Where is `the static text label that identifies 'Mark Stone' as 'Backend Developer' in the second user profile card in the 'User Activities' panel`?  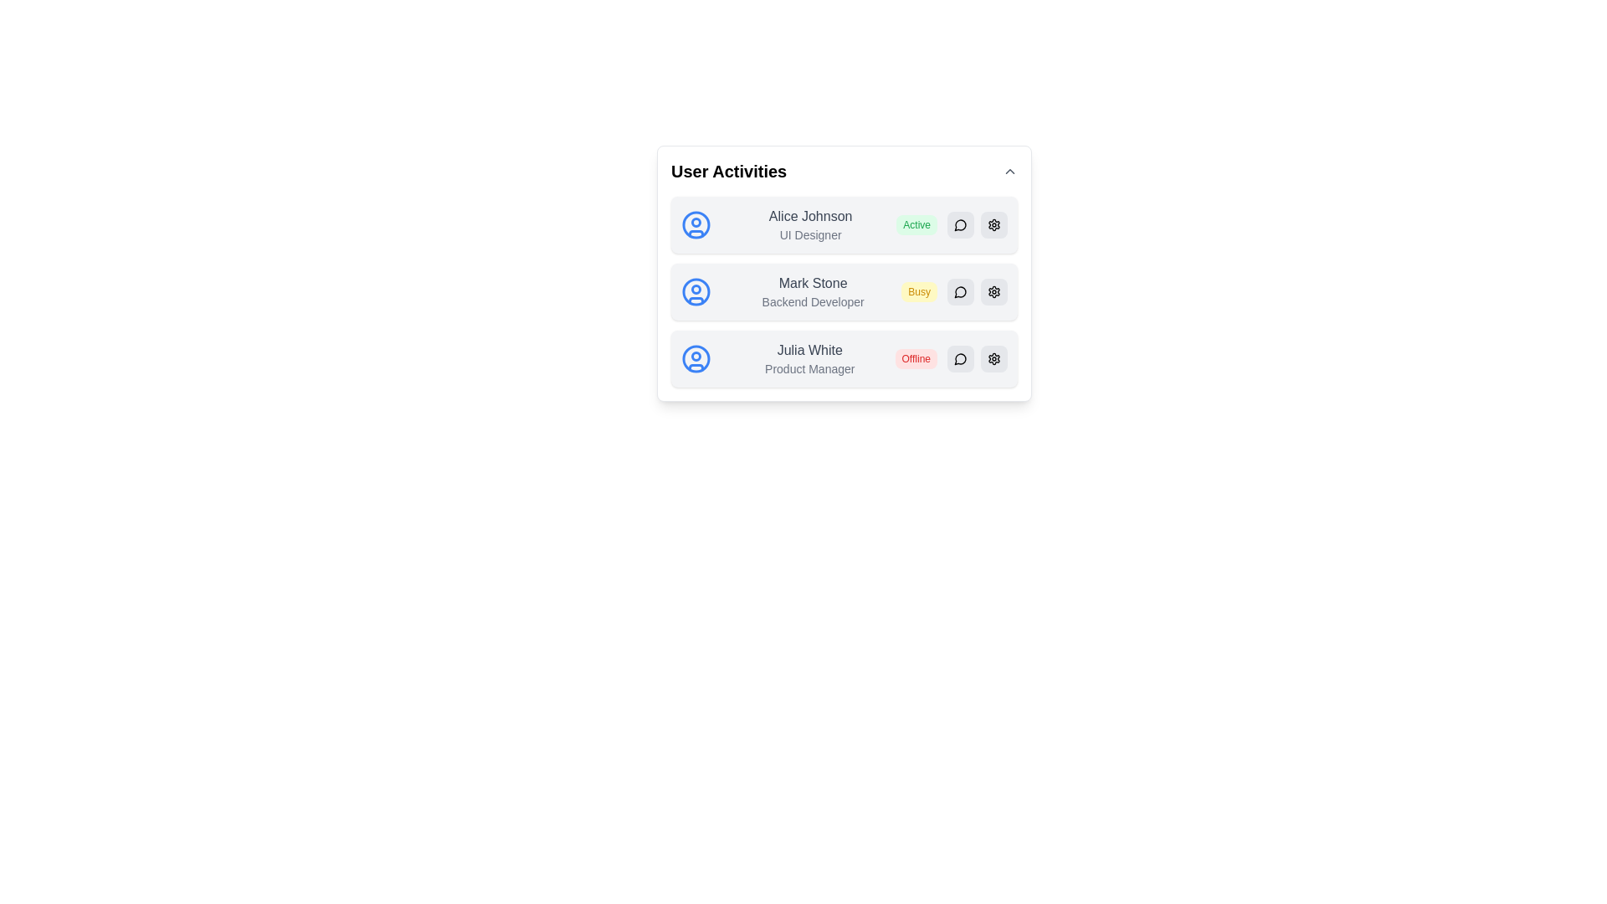
the static text label that identifies 'Mark Stone' as 'Backend Developer' in the second user profile card in the 'User Activities' panel is located at coordinates (813, 302).